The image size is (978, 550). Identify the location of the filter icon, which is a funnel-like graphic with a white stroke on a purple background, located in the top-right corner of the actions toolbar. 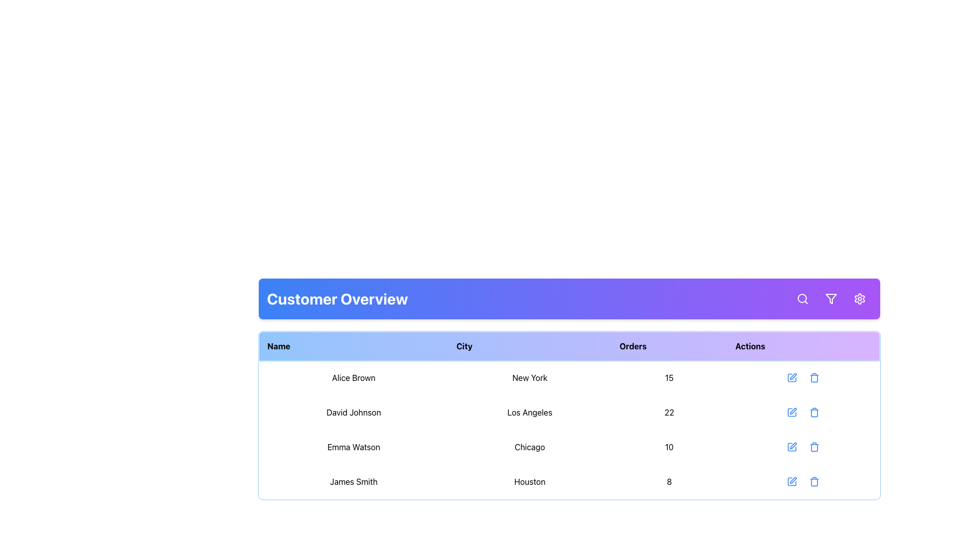
(831, 298).